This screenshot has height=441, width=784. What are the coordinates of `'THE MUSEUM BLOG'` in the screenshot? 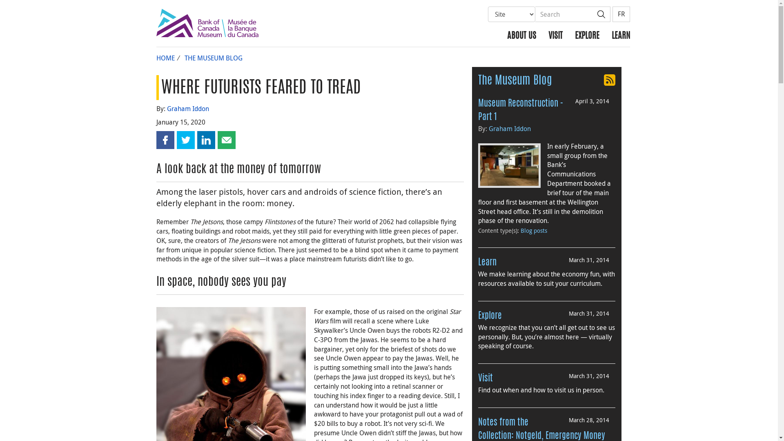 It's located at (214, 58).